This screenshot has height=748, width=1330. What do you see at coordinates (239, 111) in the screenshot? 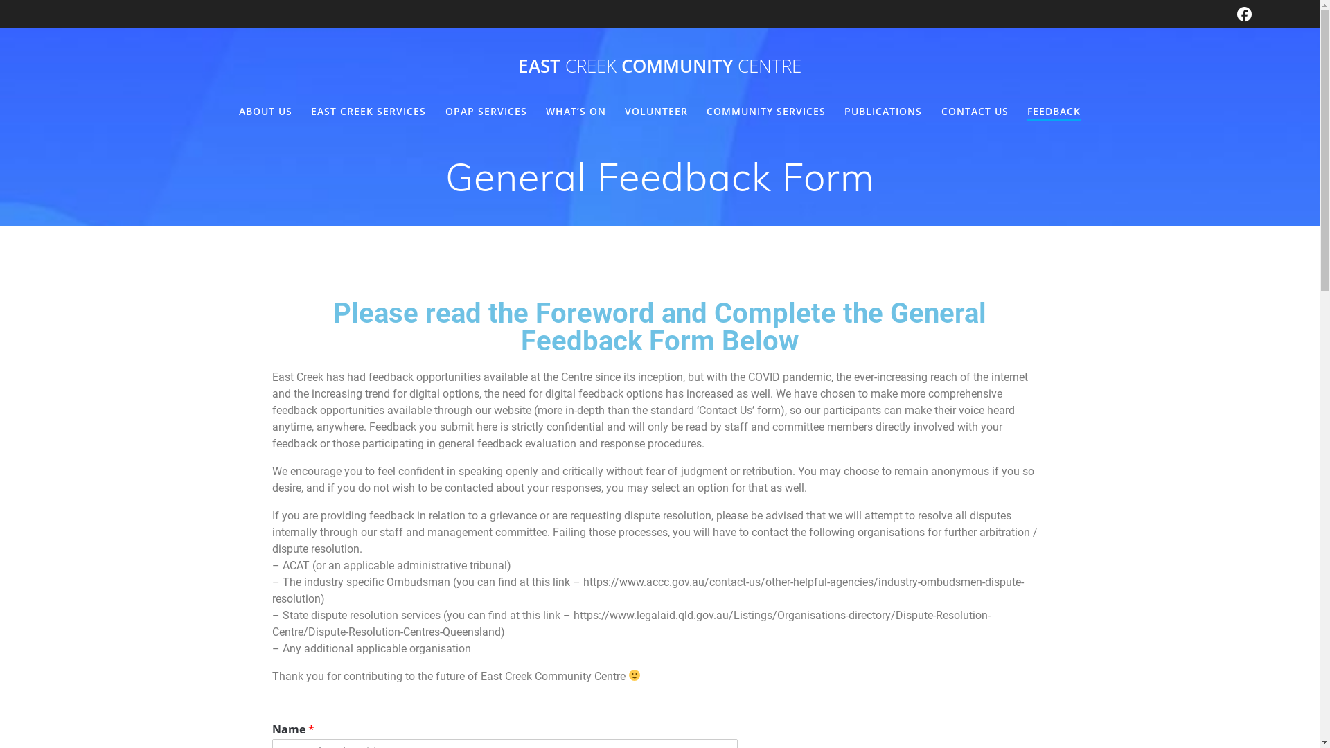
I see `'ABOUT US'` at bounding box center [239, 111].